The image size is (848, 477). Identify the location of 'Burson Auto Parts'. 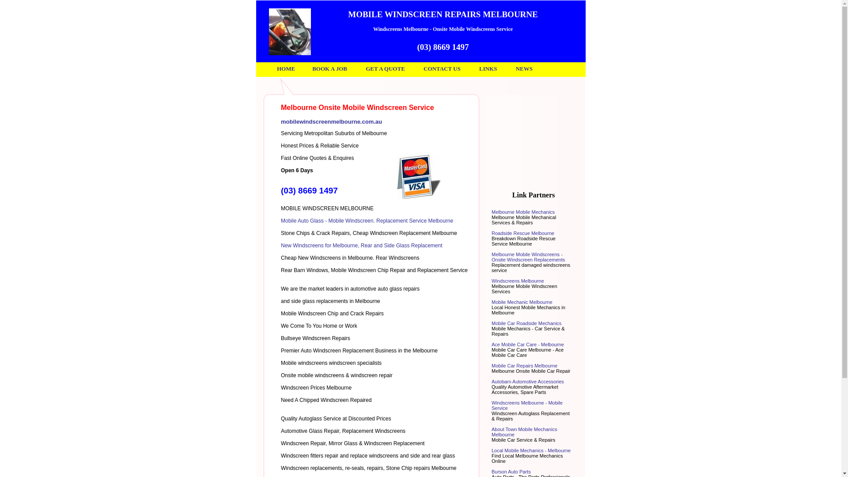
(511, 471).